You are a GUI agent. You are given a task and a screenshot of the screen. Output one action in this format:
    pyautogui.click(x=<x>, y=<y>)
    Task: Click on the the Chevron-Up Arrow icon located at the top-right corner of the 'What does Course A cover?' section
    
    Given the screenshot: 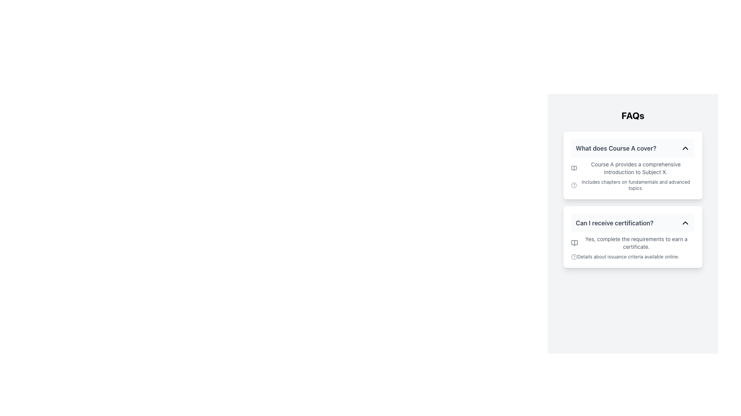 What is the action you would take?
    pyautogui.click(x=685, y=148)
    